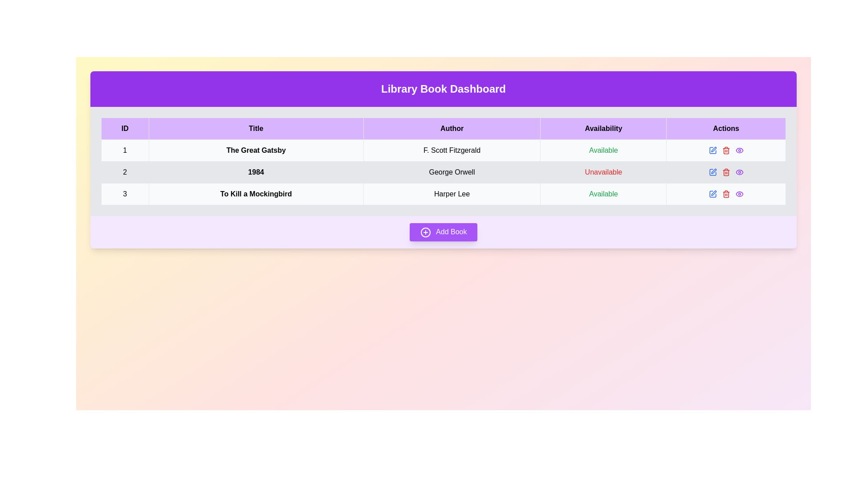 The image size is (855, 481). I want to click on the header labeled 'Title' in the data table, which has a lavender background and bold black text, located in the second column between 'ID' and 'Author', so click(256, 129).